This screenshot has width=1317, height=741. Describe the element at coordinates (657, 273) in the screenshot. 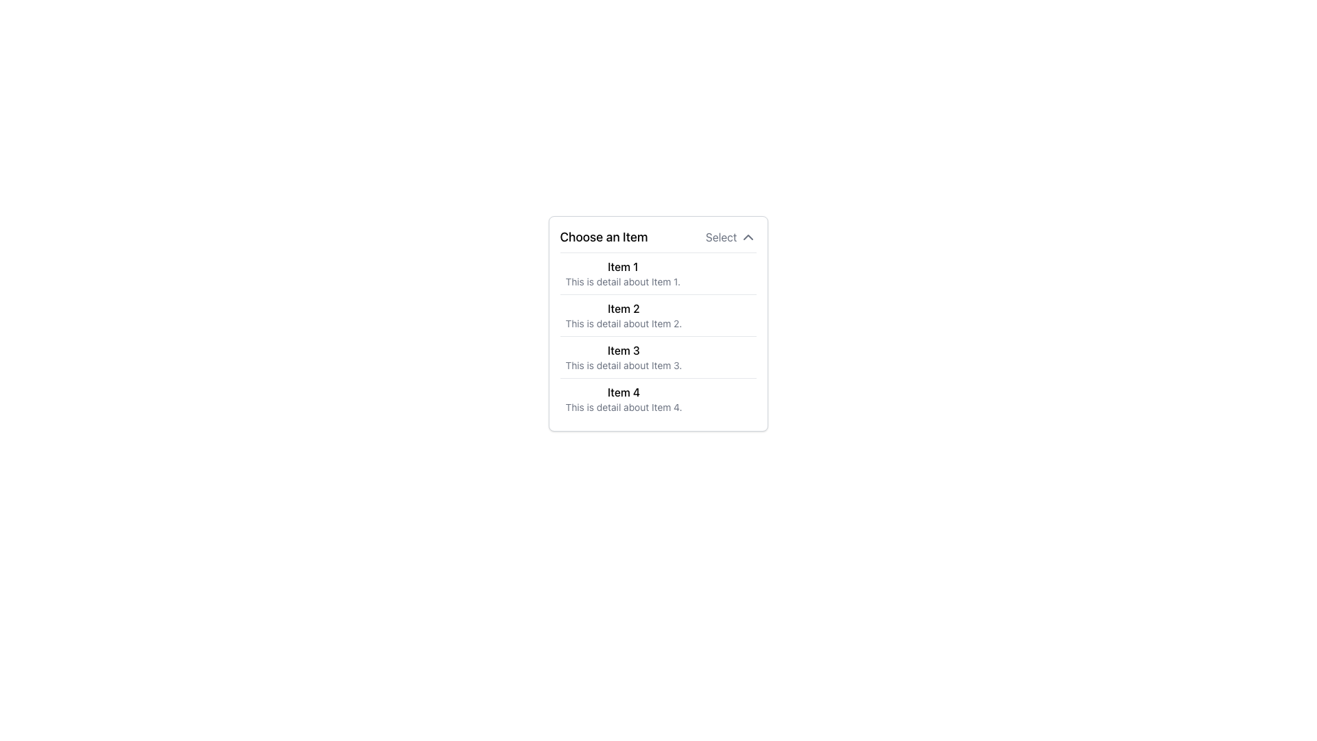

I see `the first interactive list item labeled 'Item 1'` at that location.